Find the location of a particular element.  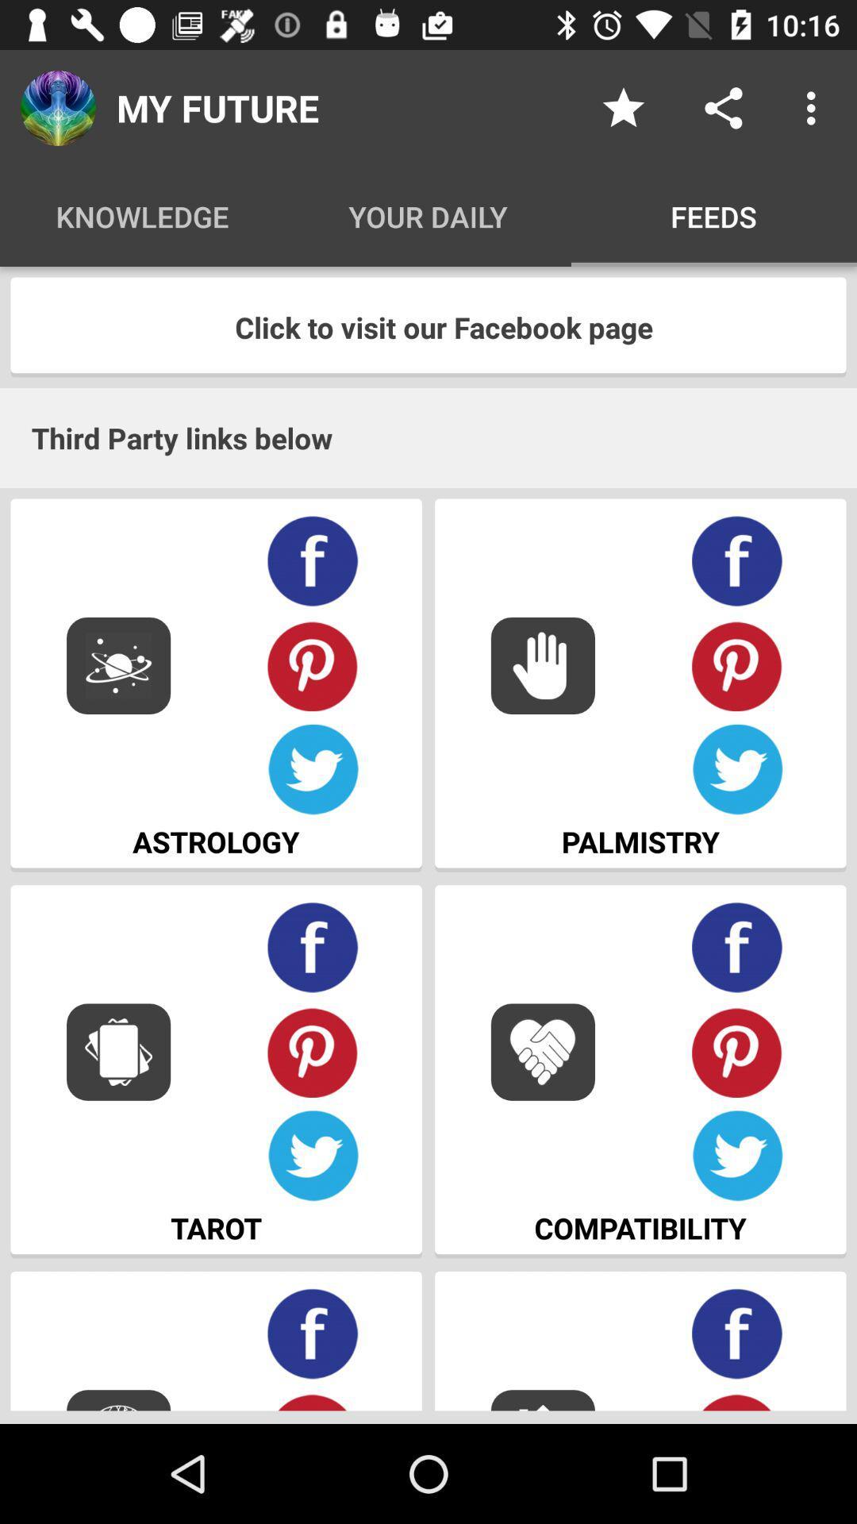

share via pinterest is located at coordinates (313, 665).